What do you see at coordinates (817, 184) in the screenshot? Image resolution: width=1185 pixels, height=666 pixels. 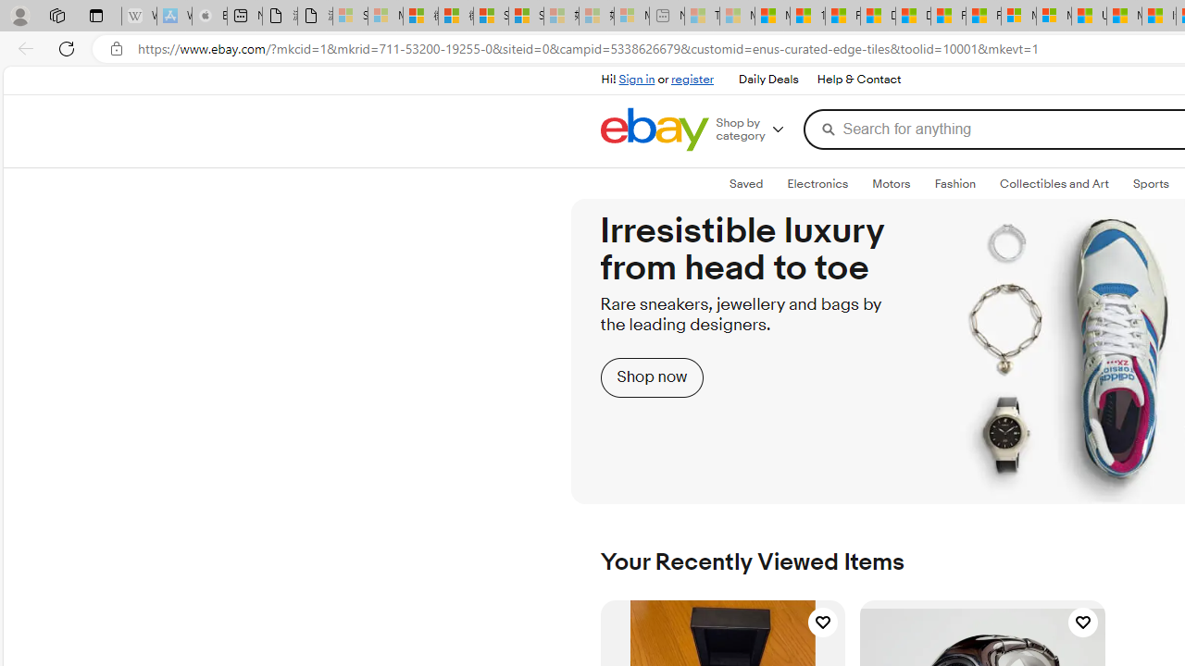 I see `'Electronics'` at bounding box center [817, 184].